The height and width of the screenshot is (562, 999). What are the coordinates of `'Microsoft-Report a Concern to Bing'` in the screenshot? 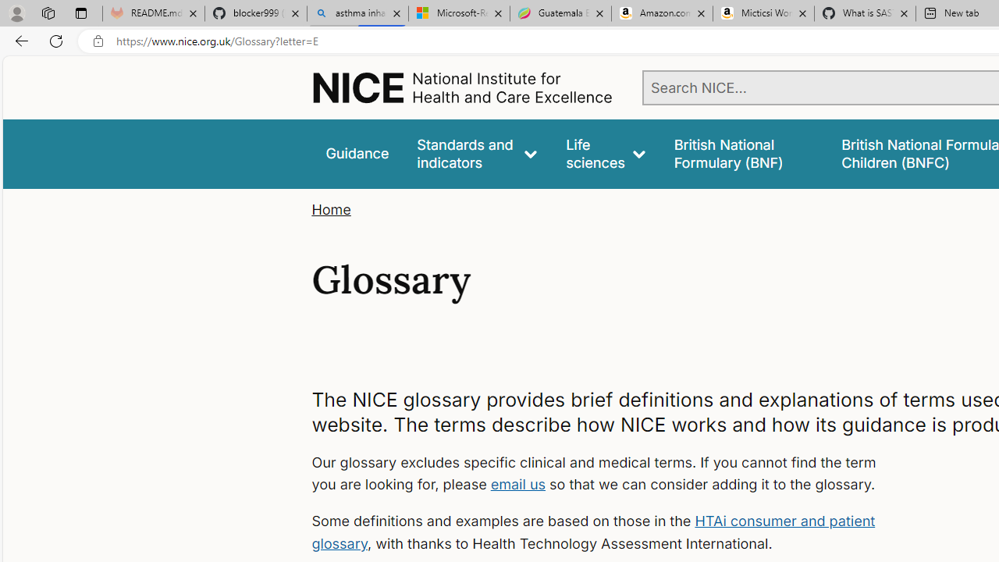 It's located at (458, 13).